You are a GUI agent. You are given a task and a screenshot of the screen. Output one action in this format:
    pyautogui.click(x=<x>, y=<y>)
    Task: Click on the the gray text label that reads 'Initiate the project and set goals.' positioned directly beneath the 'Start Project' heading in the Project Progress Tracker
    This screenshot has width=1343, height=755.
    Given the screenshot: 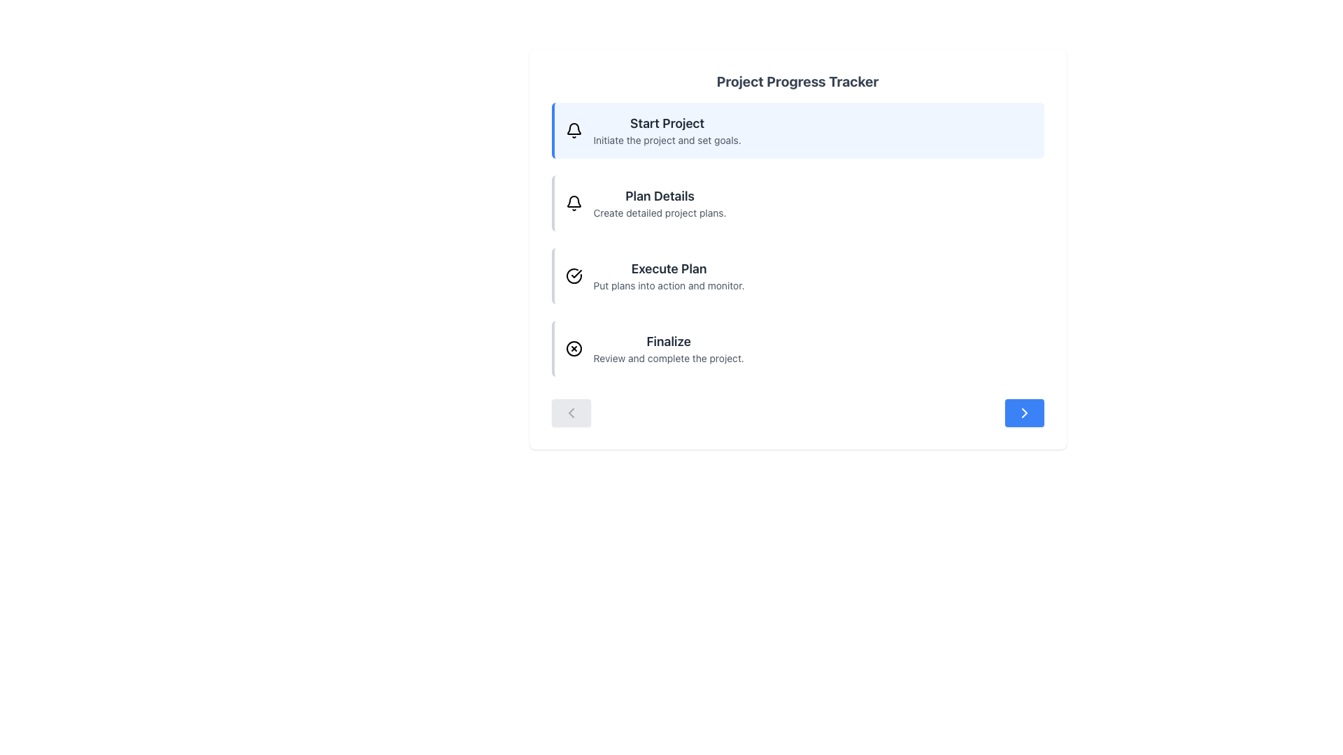 What is the action you would take?
    pyautogui.click(x=667, y=140)
    